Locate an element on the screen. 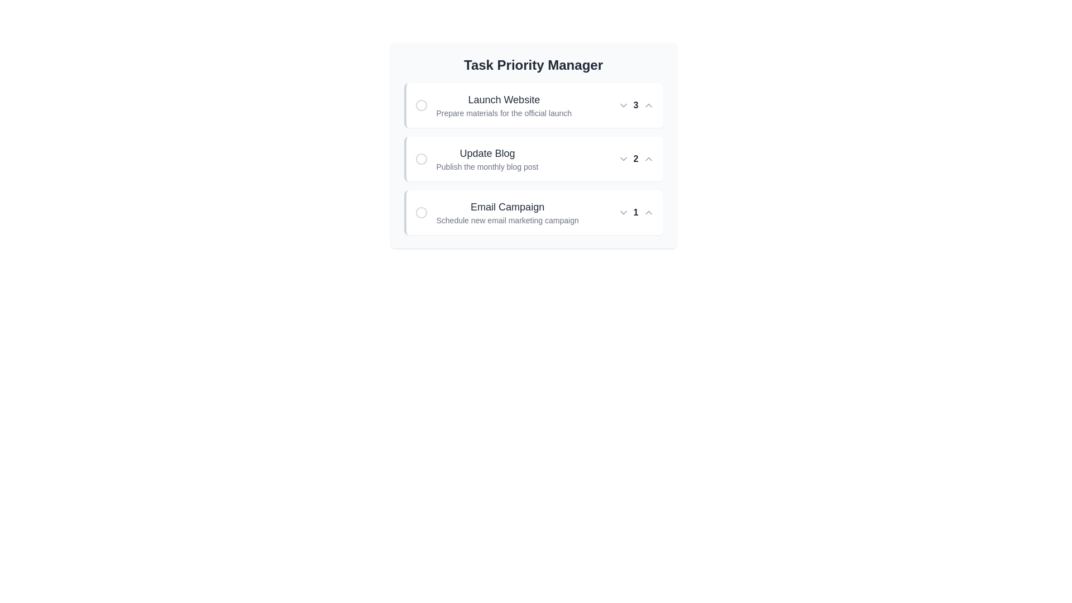 The image size is (1072, 603). the task management item titled 'Email Campaign', which is the third item in the list below 'Launch Website' and 'Update Blog' is located at coordinates (496, 213).